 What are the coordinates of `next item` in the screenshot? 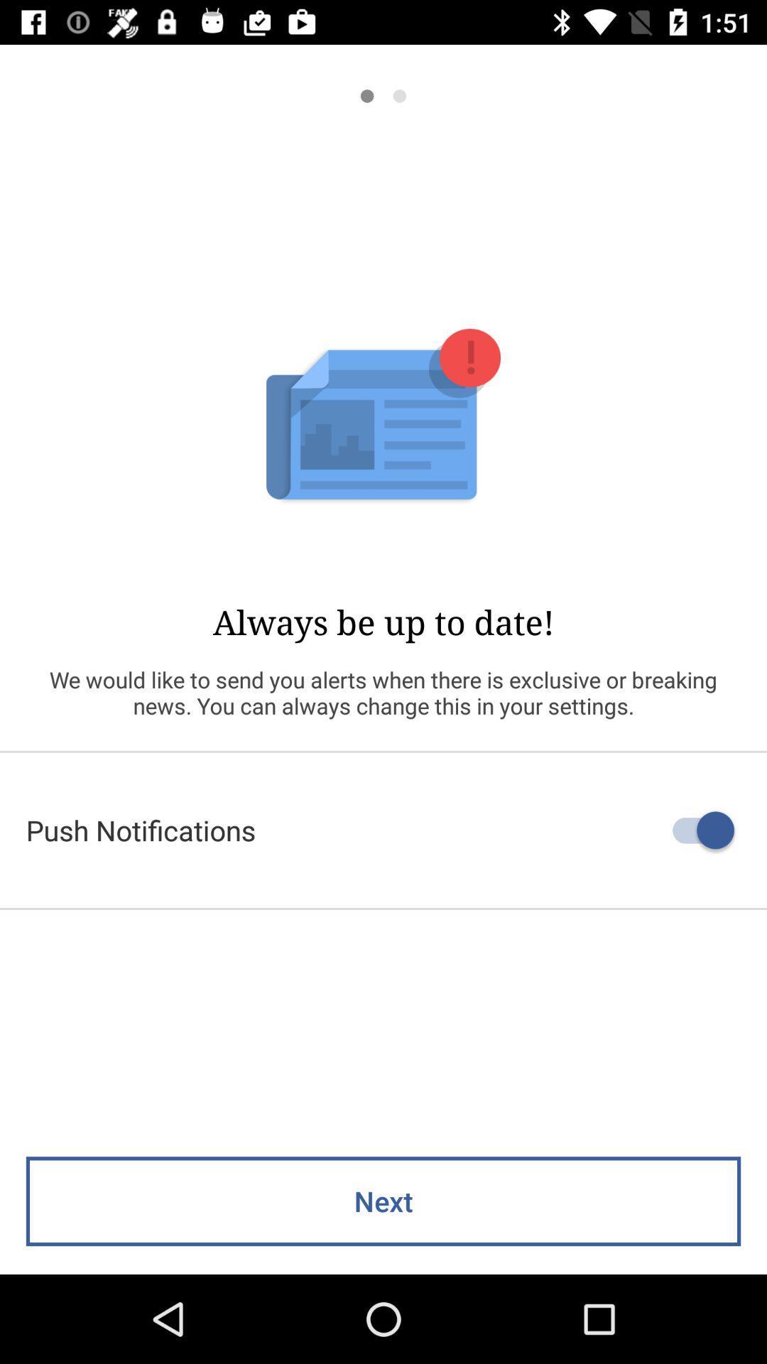 It's located at (383, 1201).